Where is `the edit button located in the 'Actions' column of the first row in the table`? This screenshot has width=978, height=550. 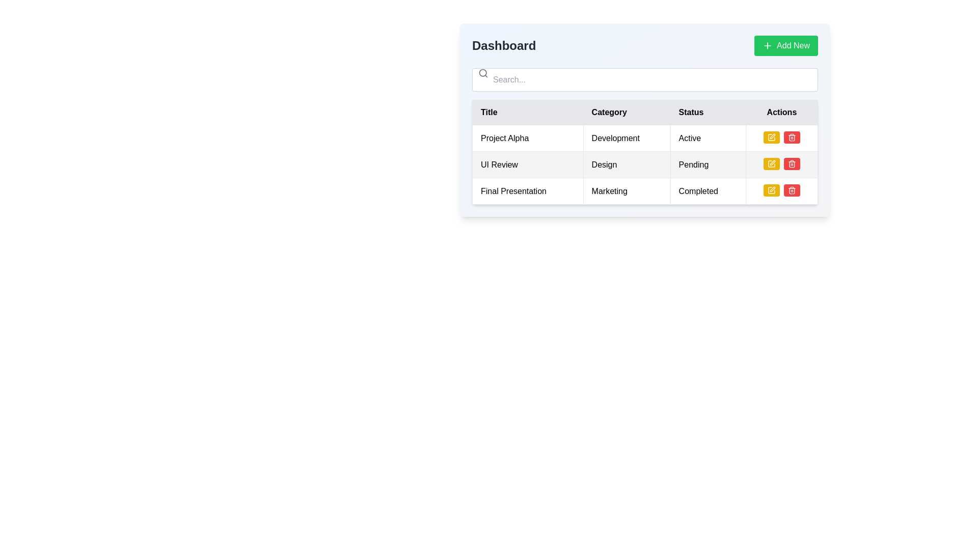 the edit button located in the 'Actions' column of the first row in the table is located at coordinates (771, 137).